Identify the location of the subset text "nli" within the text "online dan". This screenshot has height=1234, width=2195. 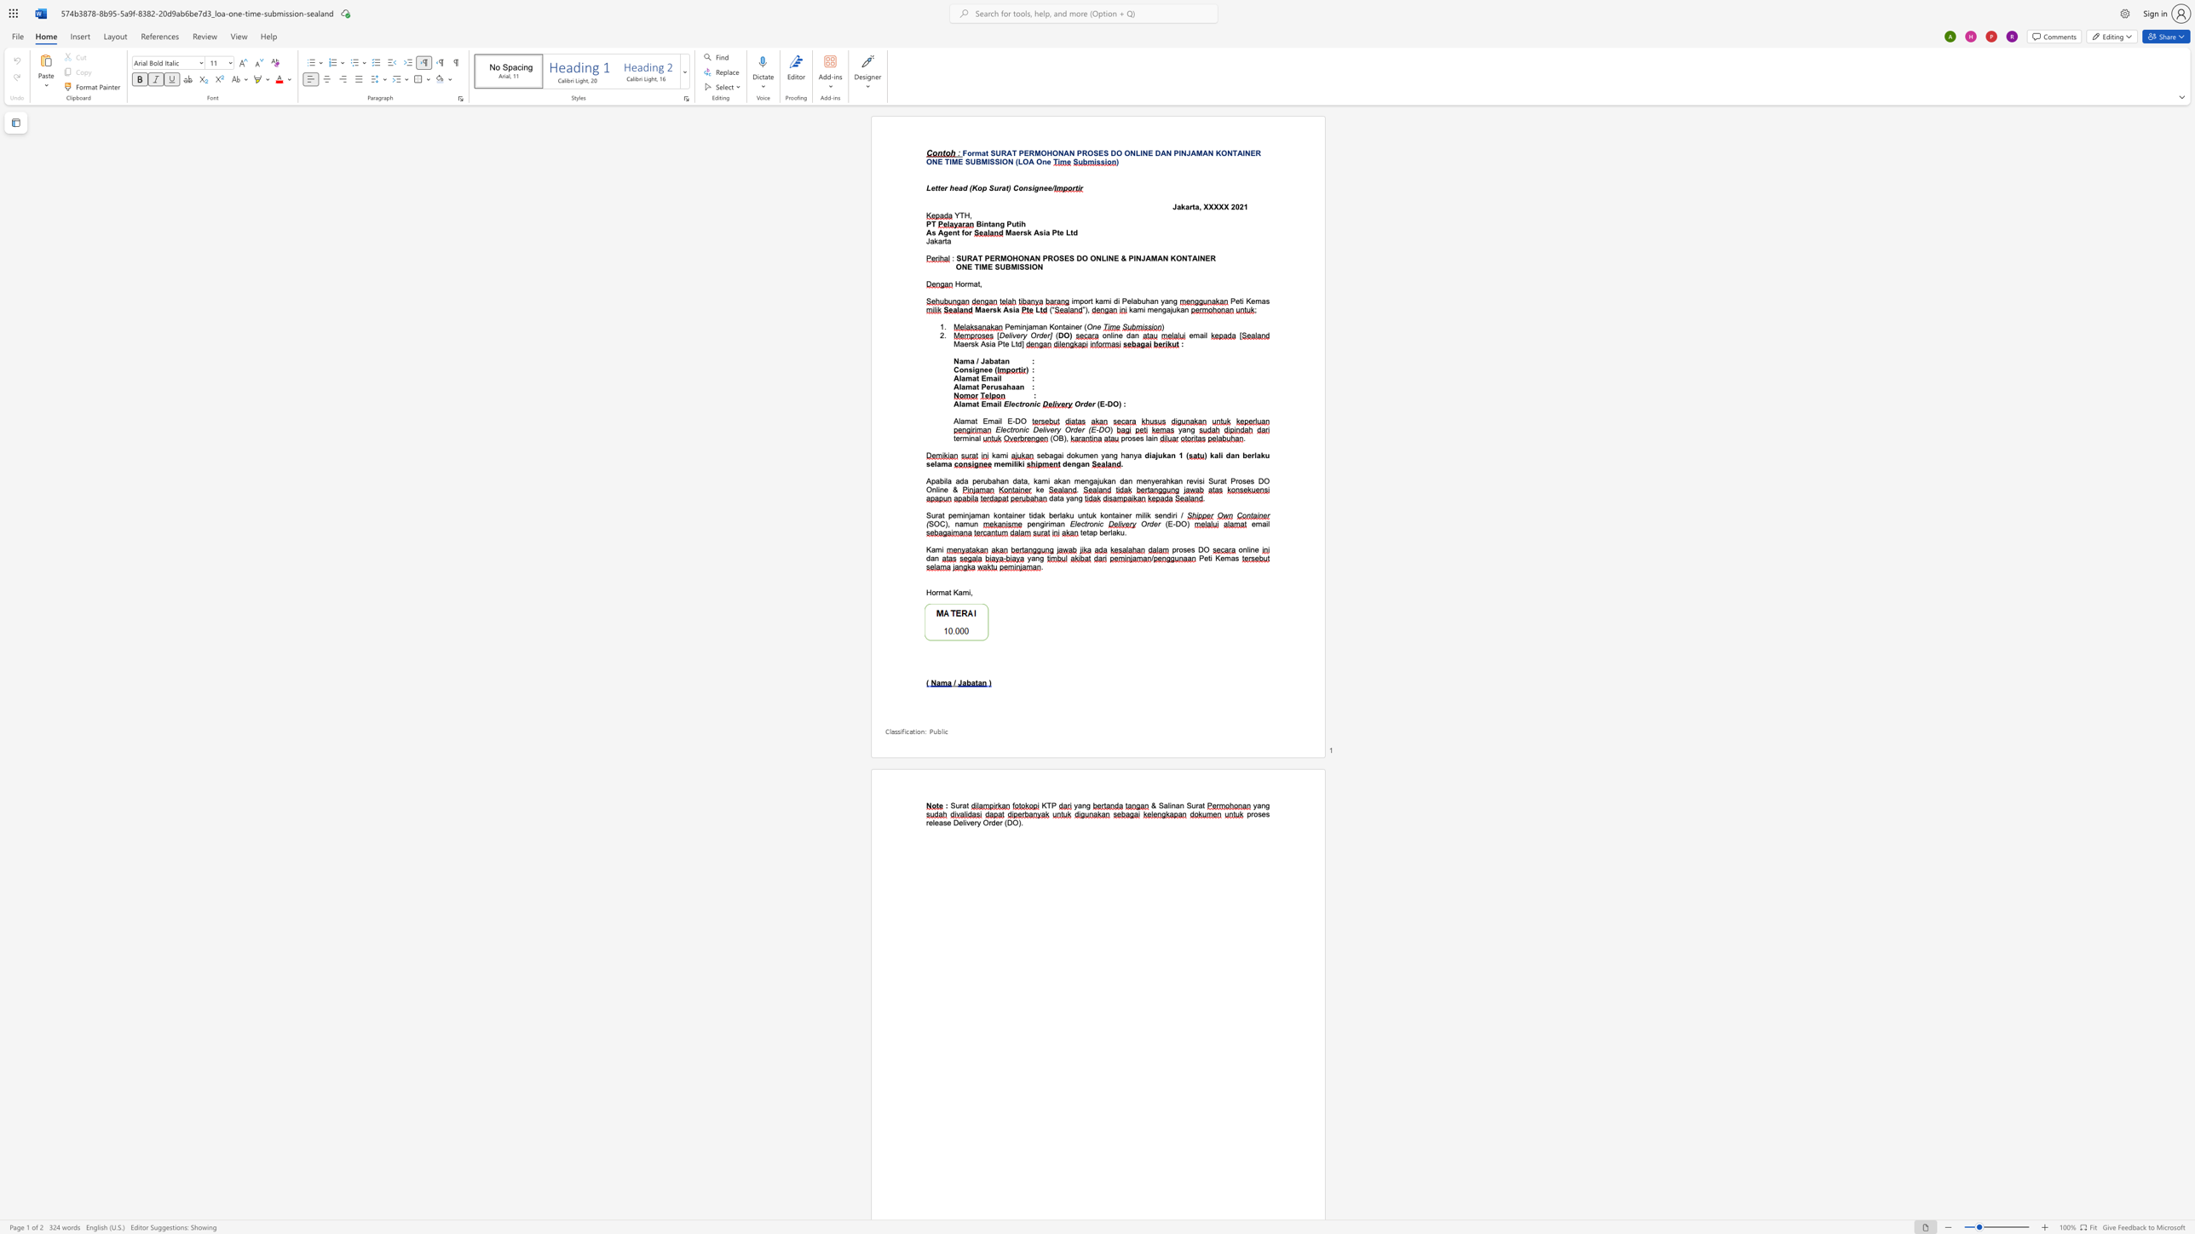
(1107, 336).